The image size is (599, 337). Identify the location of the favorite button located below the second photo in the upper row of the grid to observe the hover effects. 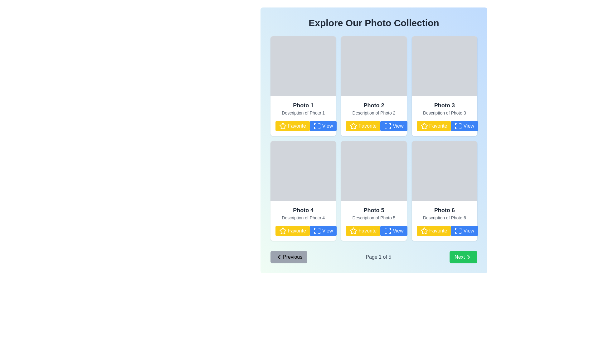
(363, 126).